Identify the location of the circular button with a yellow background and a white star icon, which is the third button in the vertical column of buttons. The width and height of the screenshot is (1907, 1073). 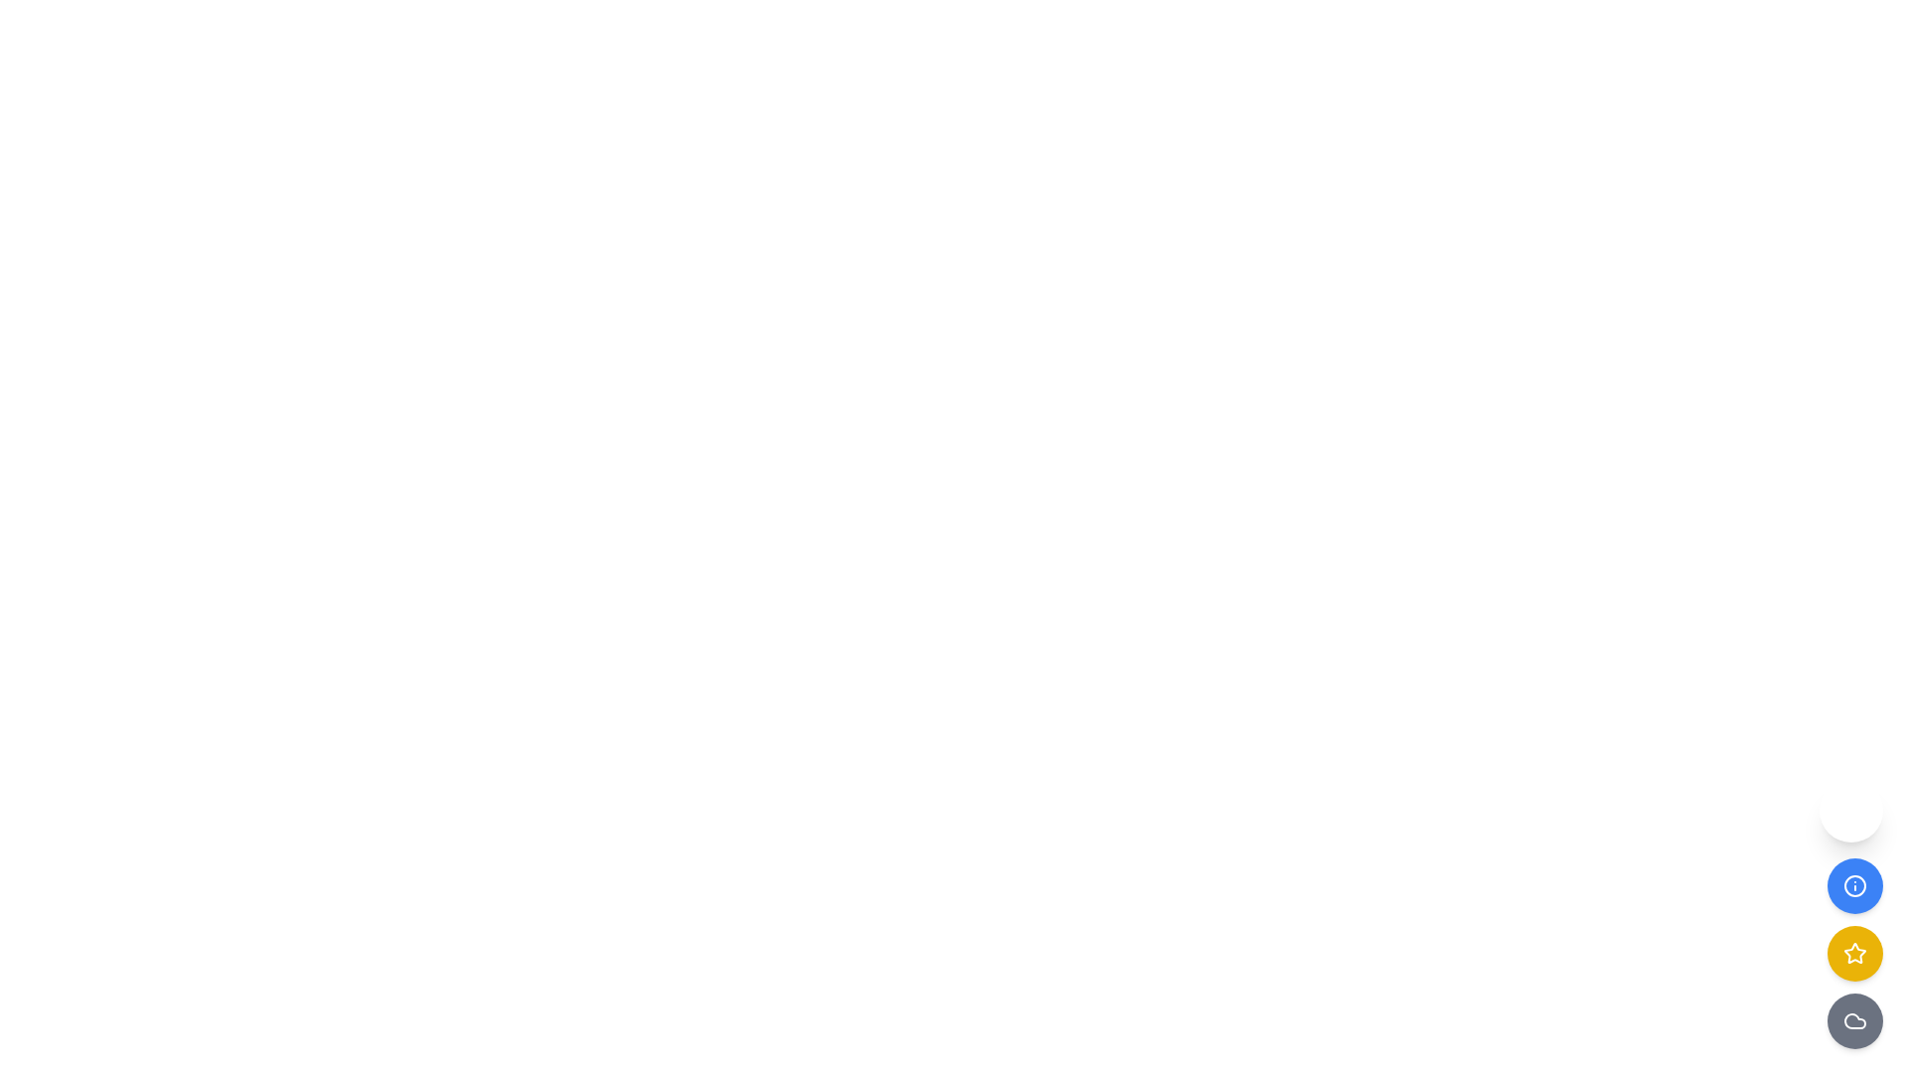
(1853, 953).